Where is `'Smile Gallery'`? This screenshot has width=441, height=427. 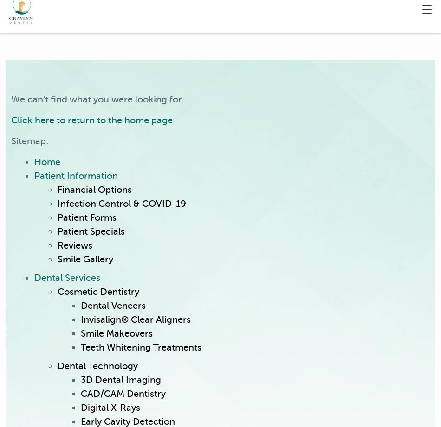
'Smile Gallery' is located at coordinates (85, 259).